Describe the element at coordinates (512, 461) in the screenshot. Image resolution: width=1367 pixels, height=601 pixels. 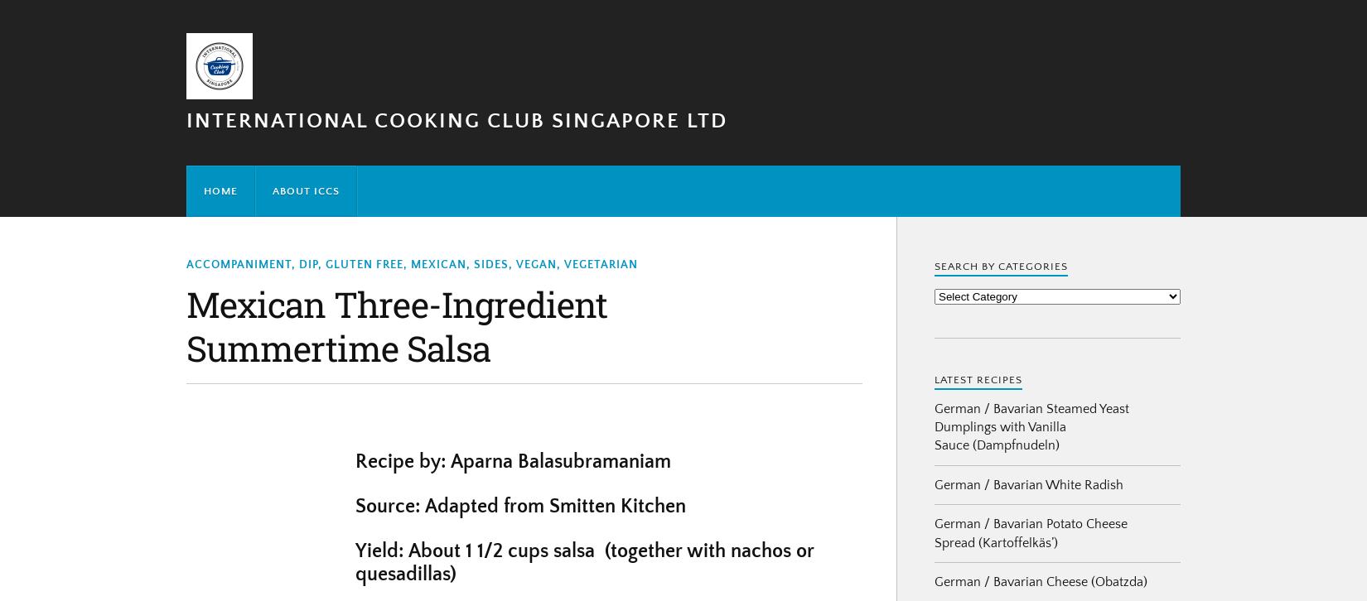
I see `'Recipe by: Aparna Balasubramaniam'` at that location.